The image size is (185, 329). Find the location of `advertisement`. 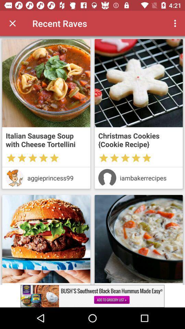

advertisement is located at coordinates (46, 83).